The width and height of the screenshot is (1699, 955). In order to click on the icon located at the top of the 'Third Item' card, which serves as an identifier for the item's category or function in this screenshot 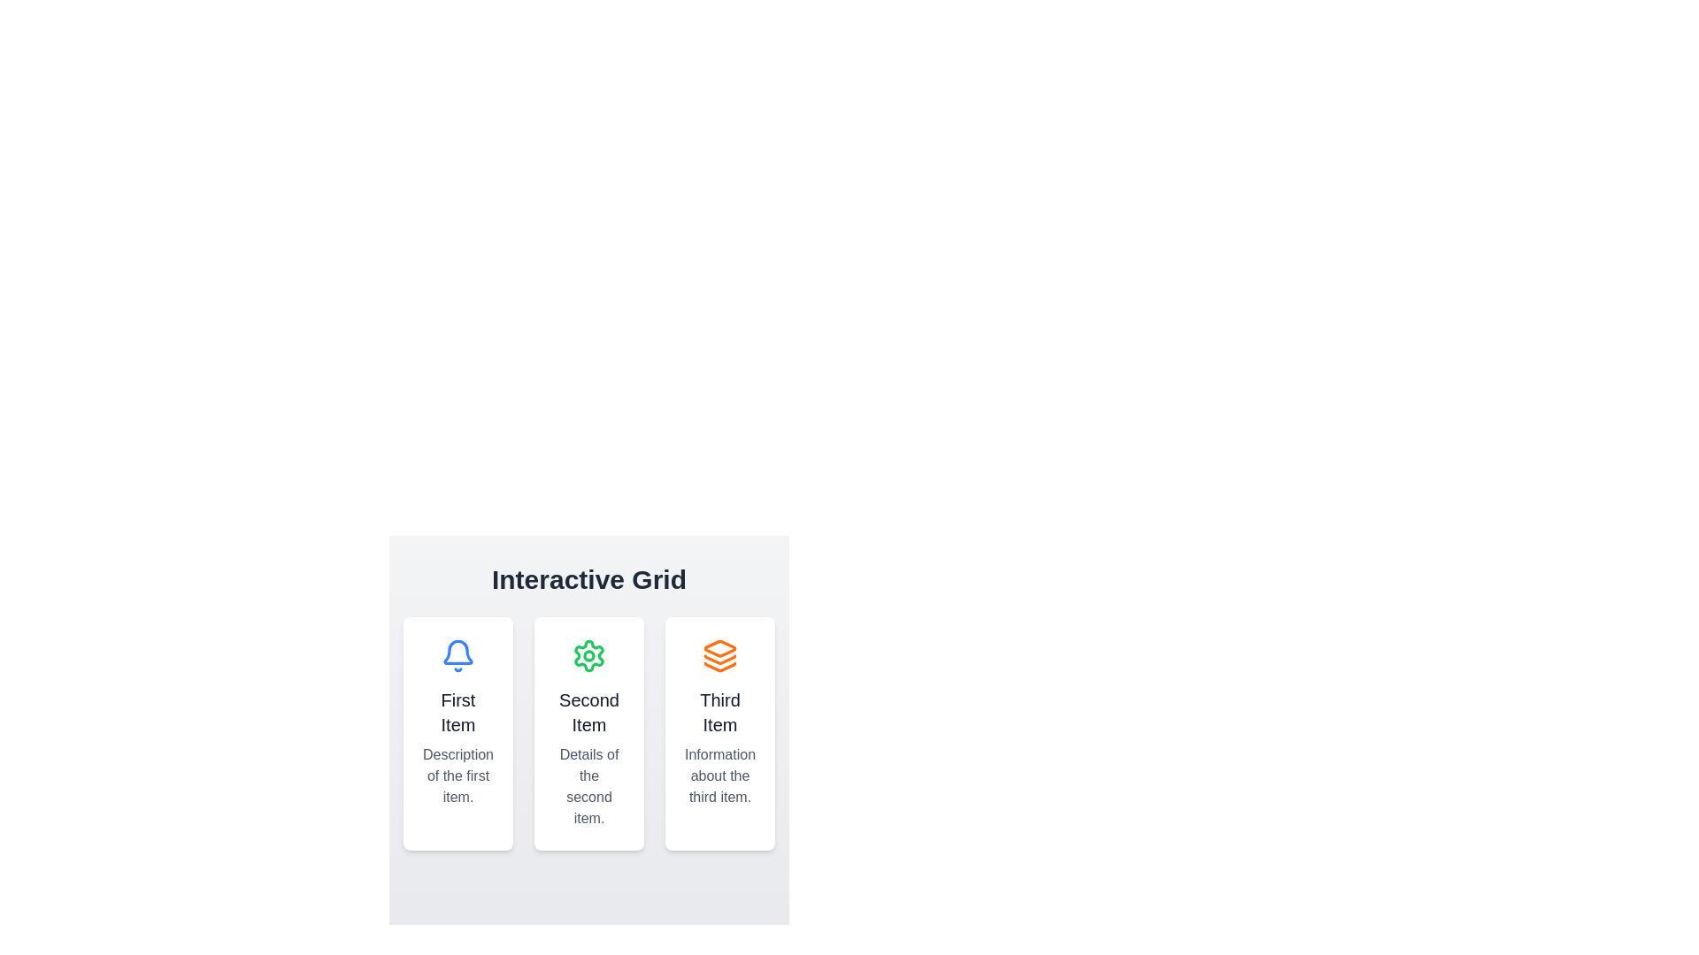, I will do `click(720, 655)`.